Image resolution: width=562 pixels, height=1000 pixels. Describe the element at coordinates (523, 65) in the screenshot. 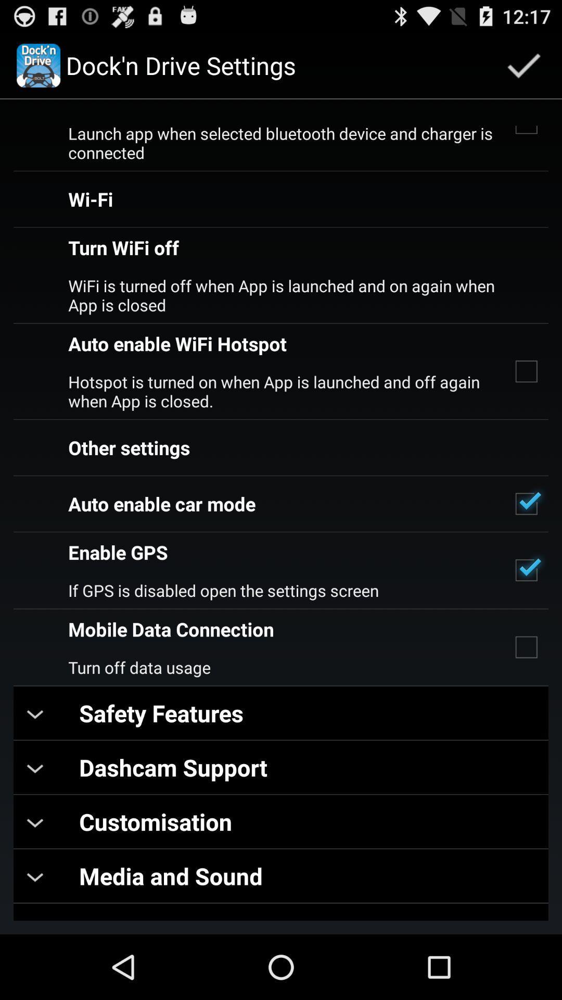

I see `app next to dock n drive icon` at that location.